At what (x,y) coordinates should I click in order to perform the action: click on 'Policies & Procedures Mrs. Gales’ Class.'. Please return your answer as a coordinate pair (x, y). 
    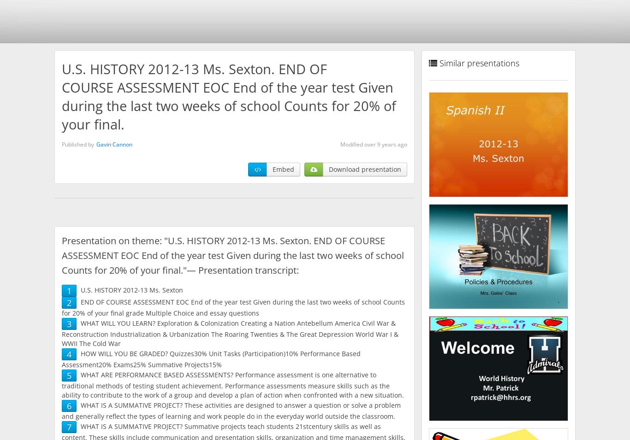
    Looking at the image, I should click on (497, 258).